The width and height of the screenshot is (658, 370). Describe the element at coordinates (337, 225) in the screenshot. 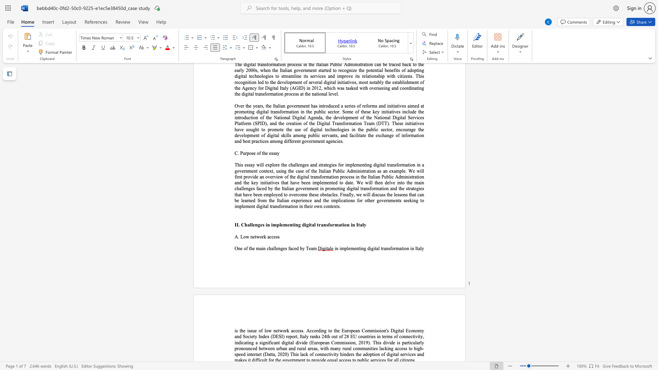

I see `the 3th character "m" in the text` at that location.